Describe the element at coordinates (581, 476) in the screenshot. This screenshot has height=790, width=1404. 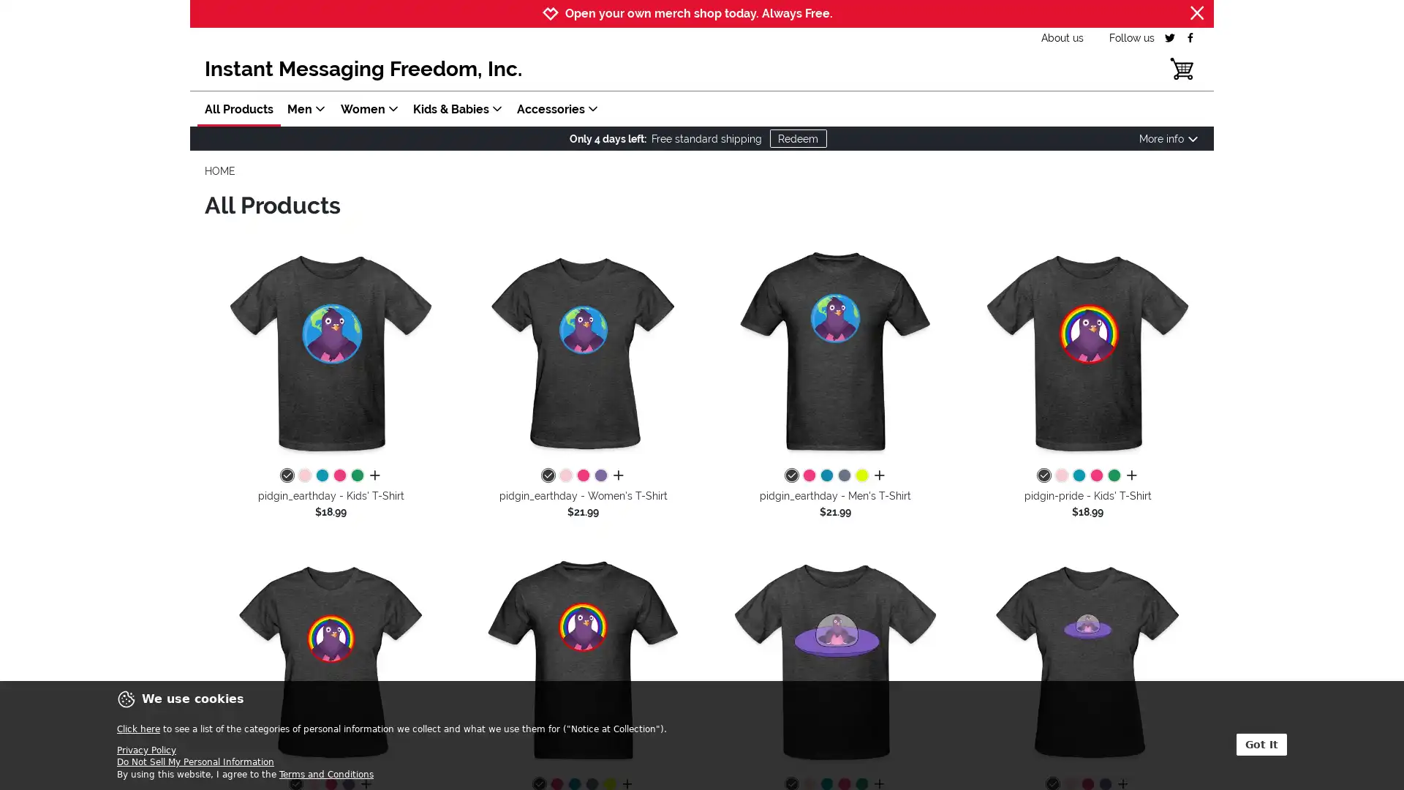
I see `fuchsia` at that location.